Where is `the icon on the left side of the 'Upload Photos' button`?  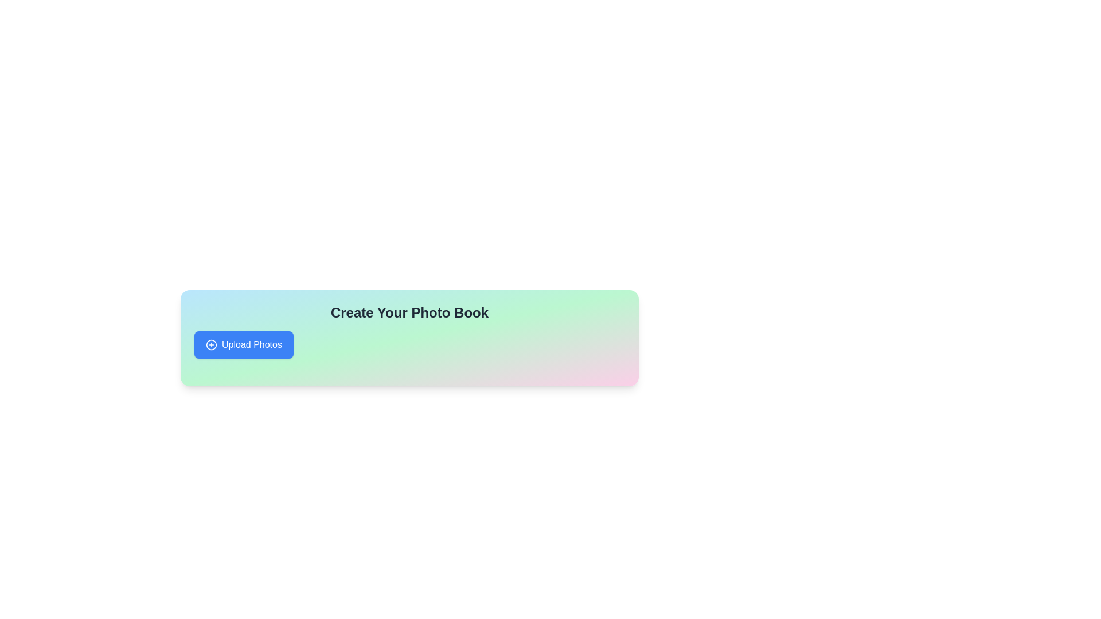
the icon on the left side of the 'Upload Photos' button is located at coordinates (212, 344).